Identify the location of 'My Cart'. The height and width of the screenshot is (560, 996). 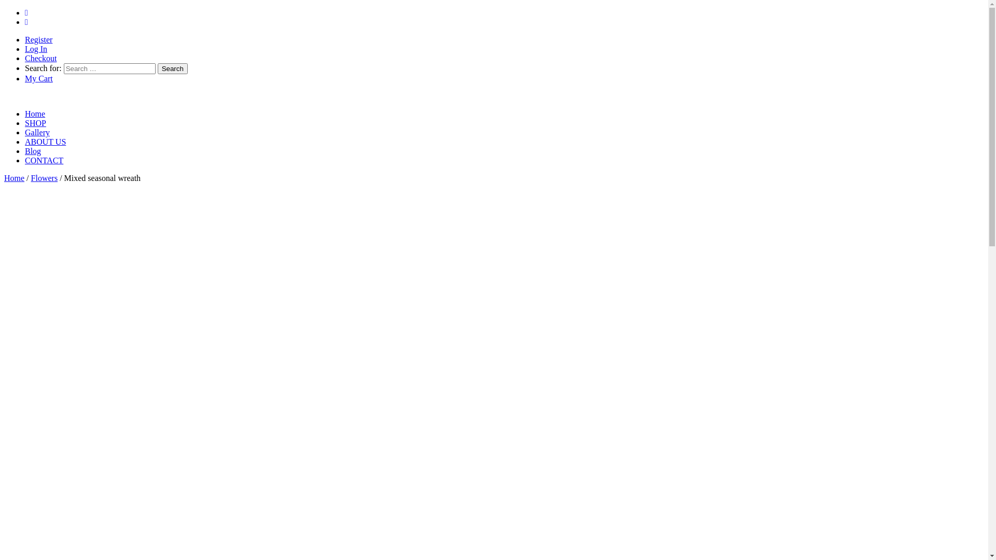
(39, 78).